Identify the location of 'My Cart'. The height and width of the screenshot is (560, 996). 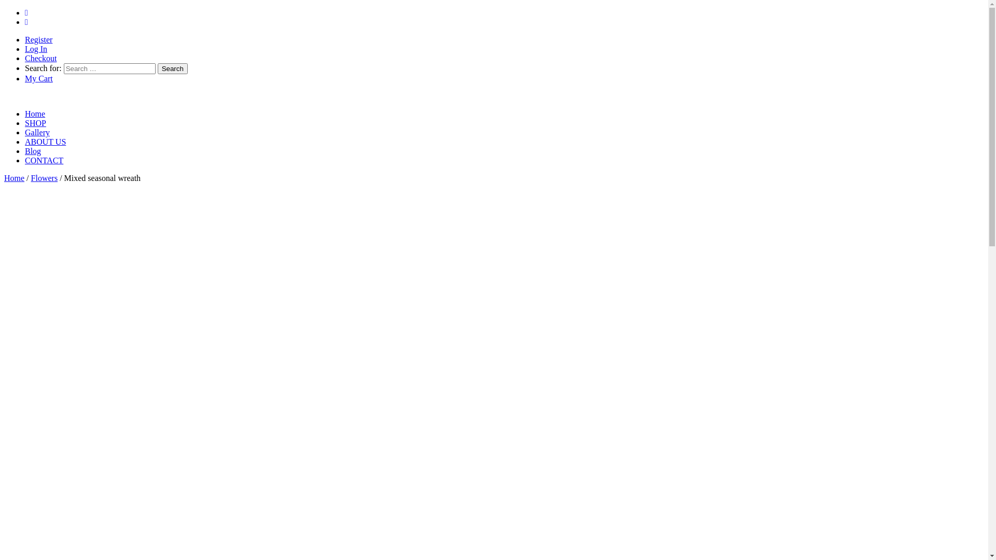
(39, 78).